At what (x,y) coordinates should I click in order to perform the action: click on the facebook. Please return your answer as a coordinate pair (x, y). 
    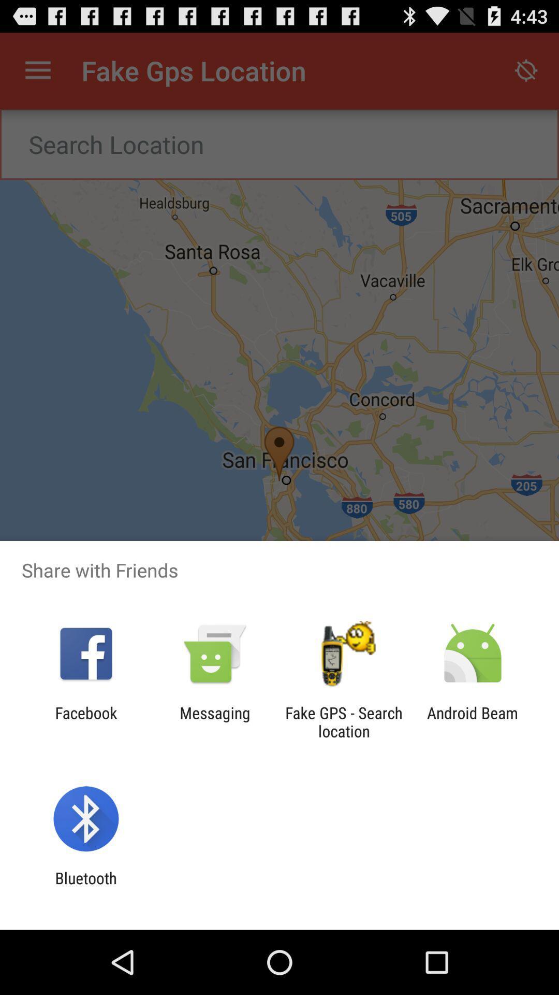
    Looking at the image, I should click on (85, 721).